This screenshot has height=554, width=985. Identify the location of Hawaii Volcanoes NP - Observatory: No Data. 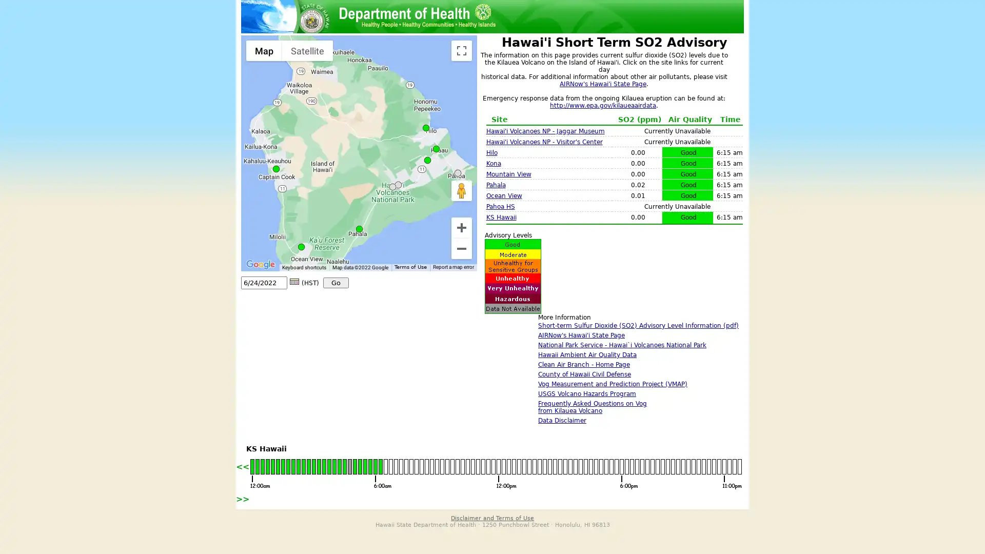
(392, 187).